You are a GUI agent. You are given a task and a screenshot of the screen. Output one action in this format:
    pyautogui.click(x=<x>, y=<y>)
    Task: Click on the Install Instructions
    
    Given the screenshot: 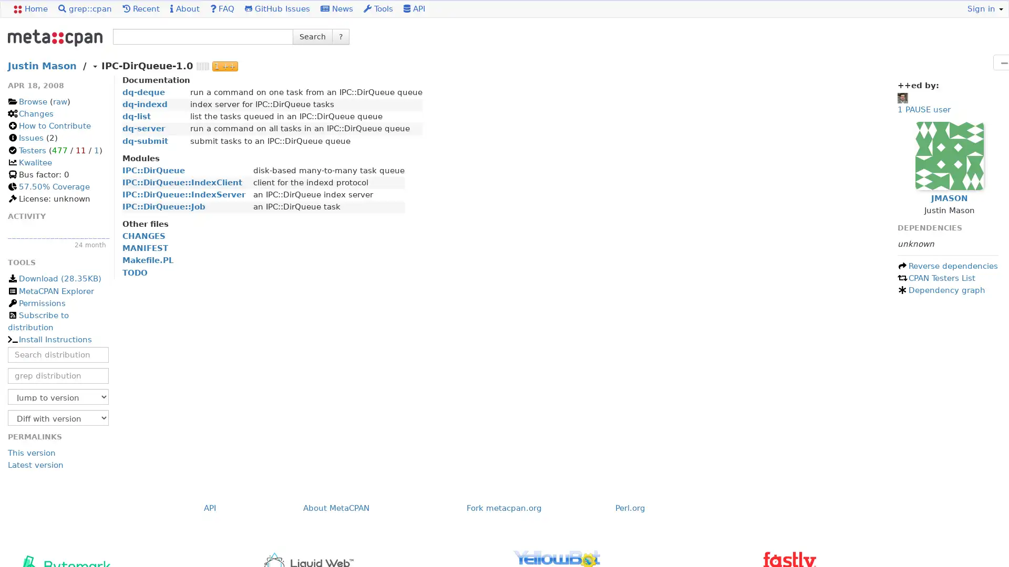 What is the action you would take?
    pyautogui.click(x=49, y=340)
    